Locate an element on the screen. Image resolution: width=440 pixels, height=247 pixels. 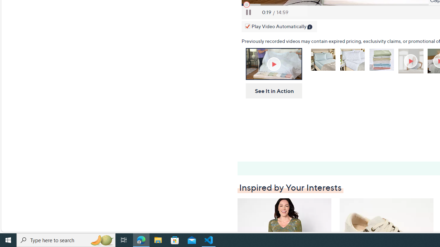
'See It in Action' is located at coordinates (271, 91).